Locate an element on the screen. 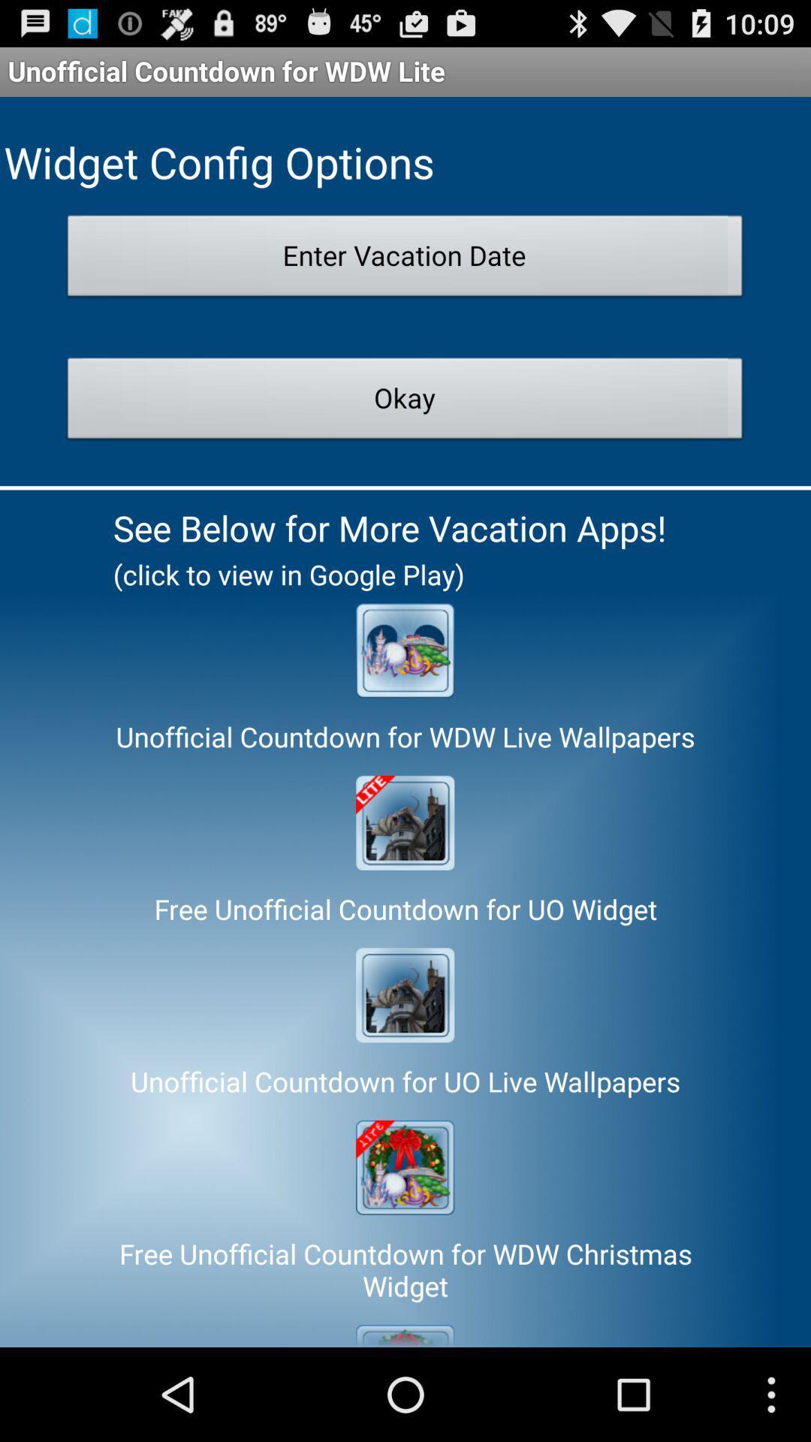  the button above the okay icon is located at coordinates (404, 260).